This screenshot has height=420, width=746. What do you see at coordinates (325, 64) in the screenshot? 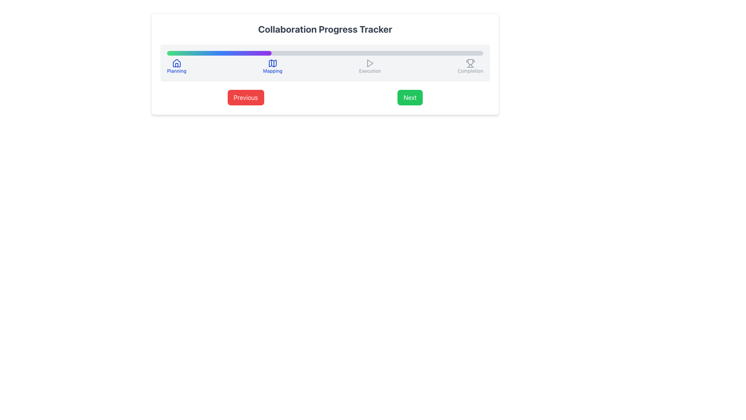
I see `the progress bar of the Collaboration Progress Tracker Component` at bounding box center [325, 64].